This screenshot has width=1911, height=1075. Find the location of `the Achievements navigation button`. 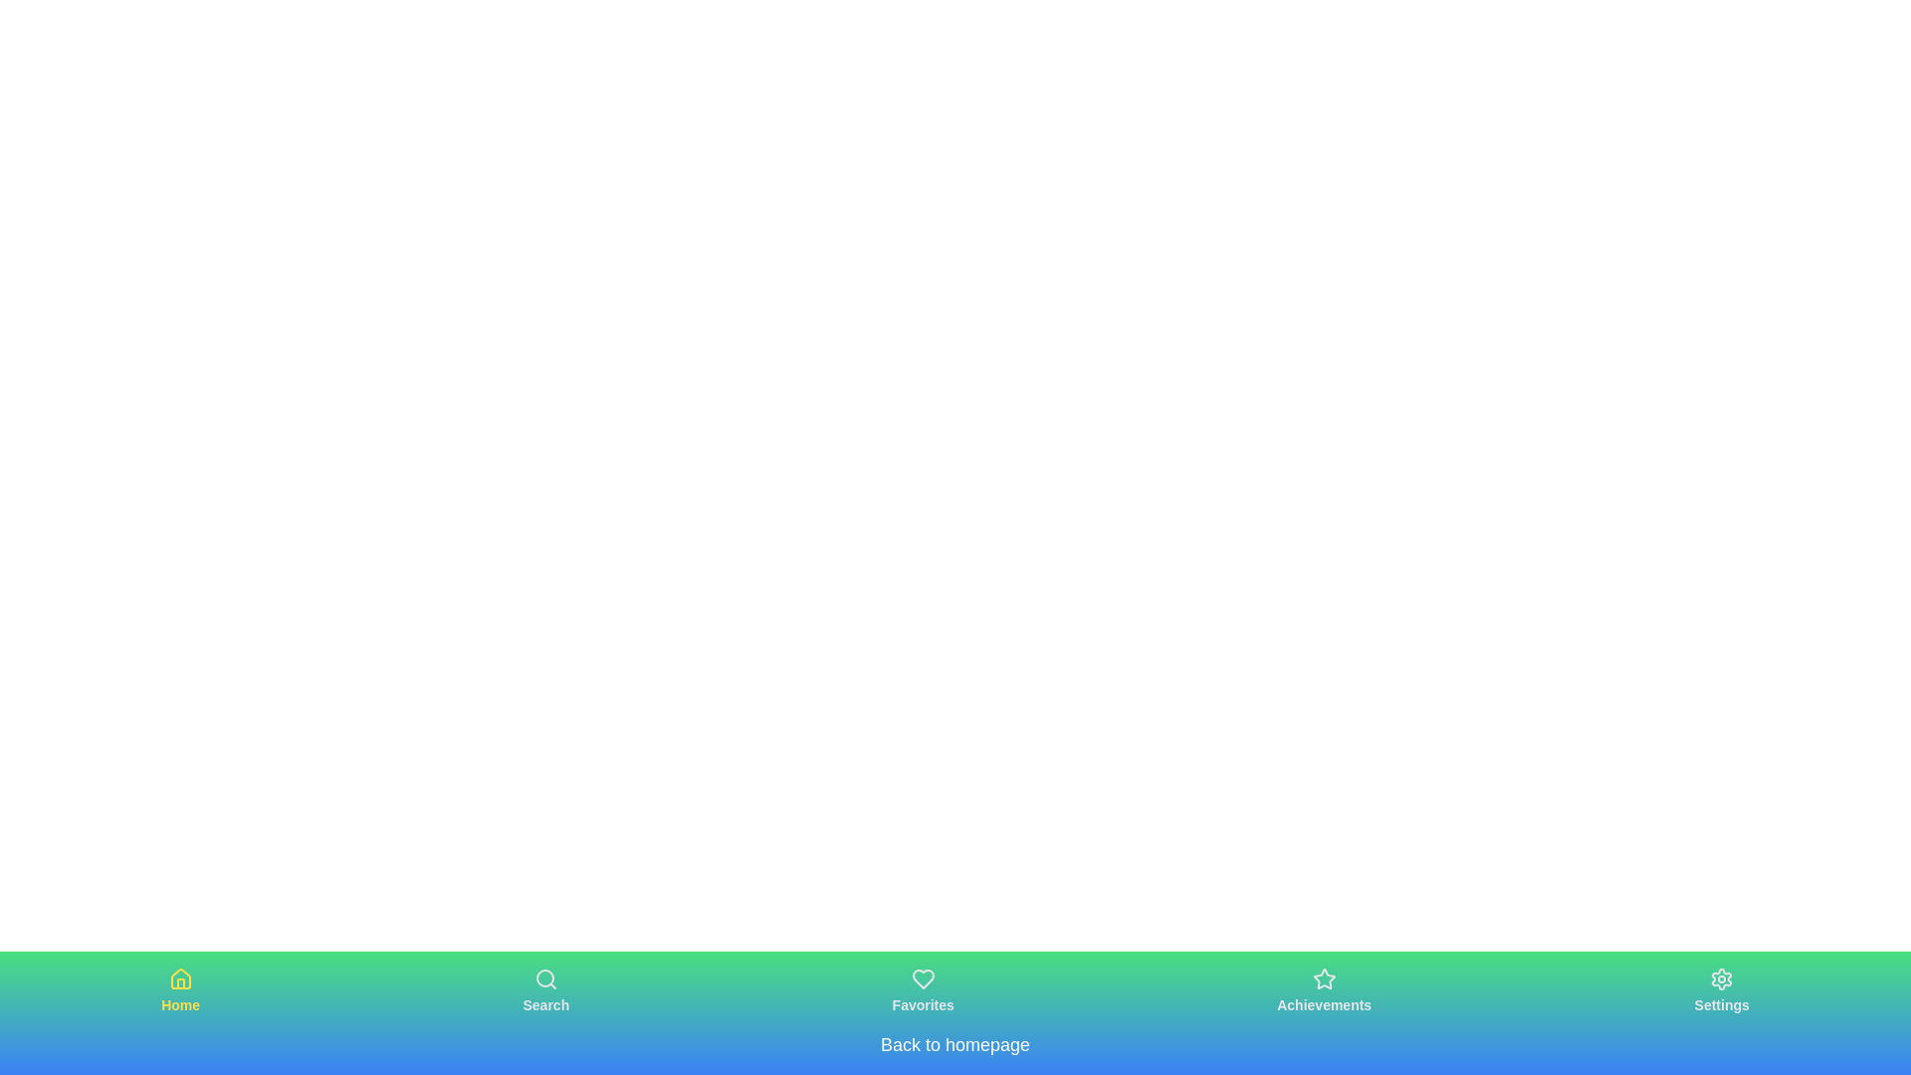

the Achievements navigation button is located at coordinates (1324, 990).